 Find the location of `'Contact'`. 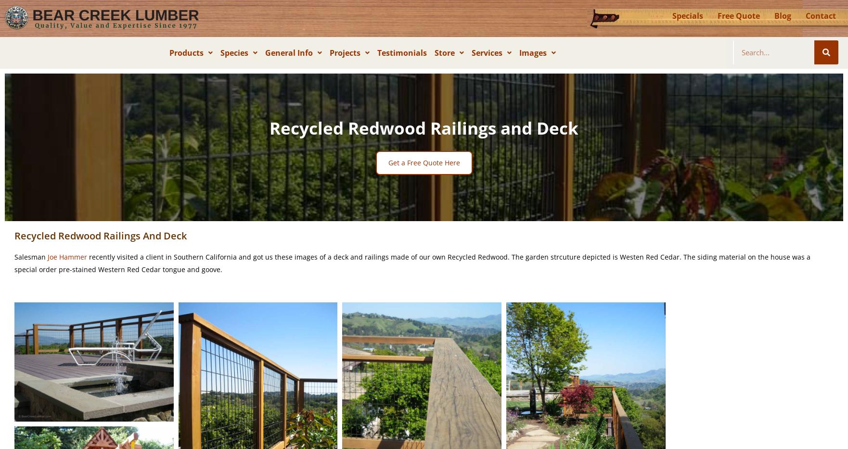

'Contact' is located at coordinates (805, 15).